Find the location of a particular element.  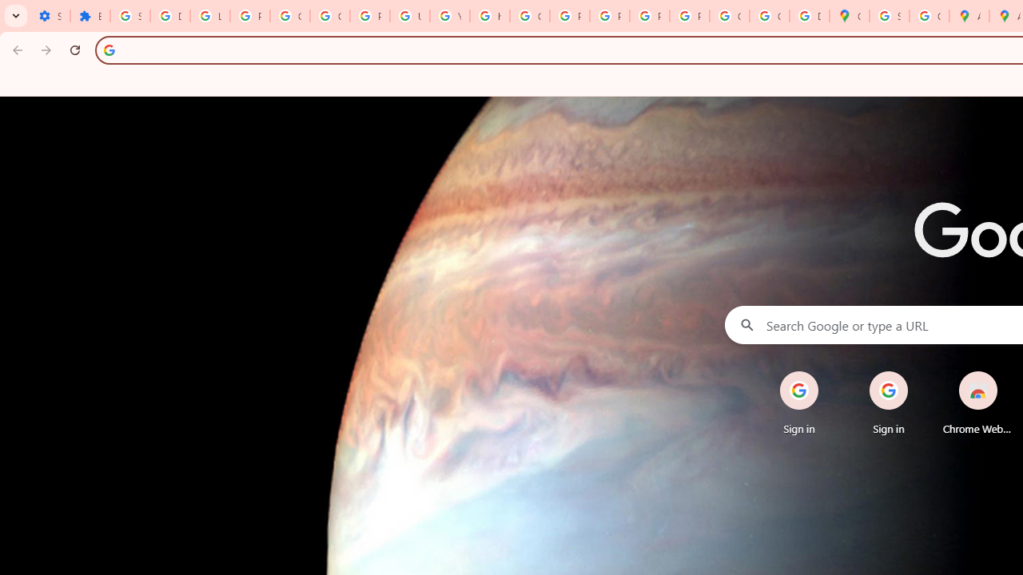

'Learn how to find your photos - Google Photos Help' is located at coordinates (209, 16).